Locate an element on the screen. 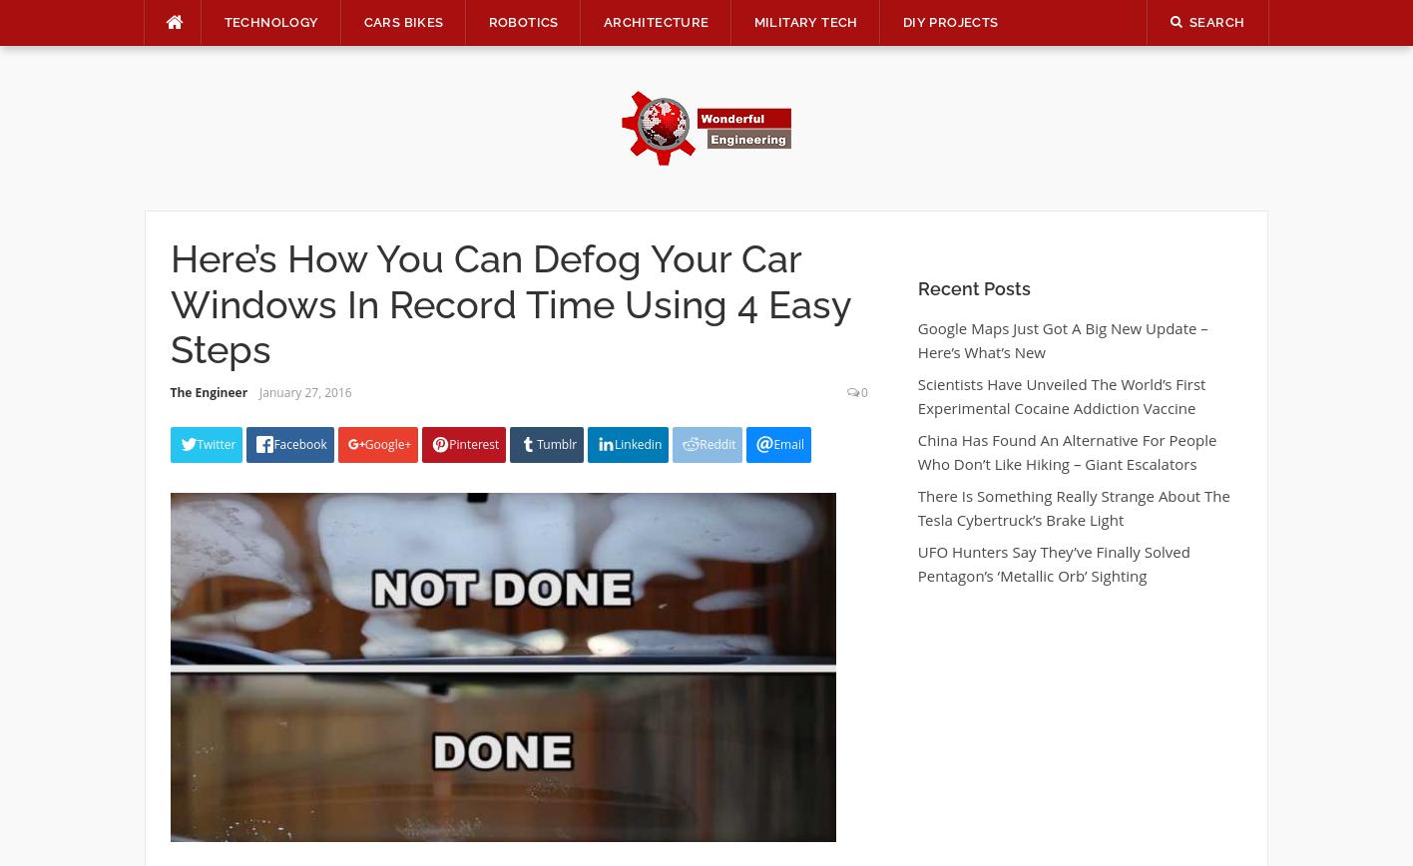  'Twitter' is located at coordinates (195, 443).